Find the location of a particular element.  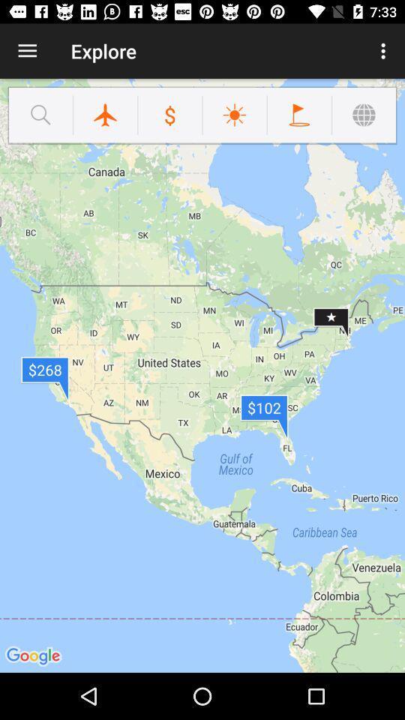

icon next to explore icon is located at coordinates (385, 51).